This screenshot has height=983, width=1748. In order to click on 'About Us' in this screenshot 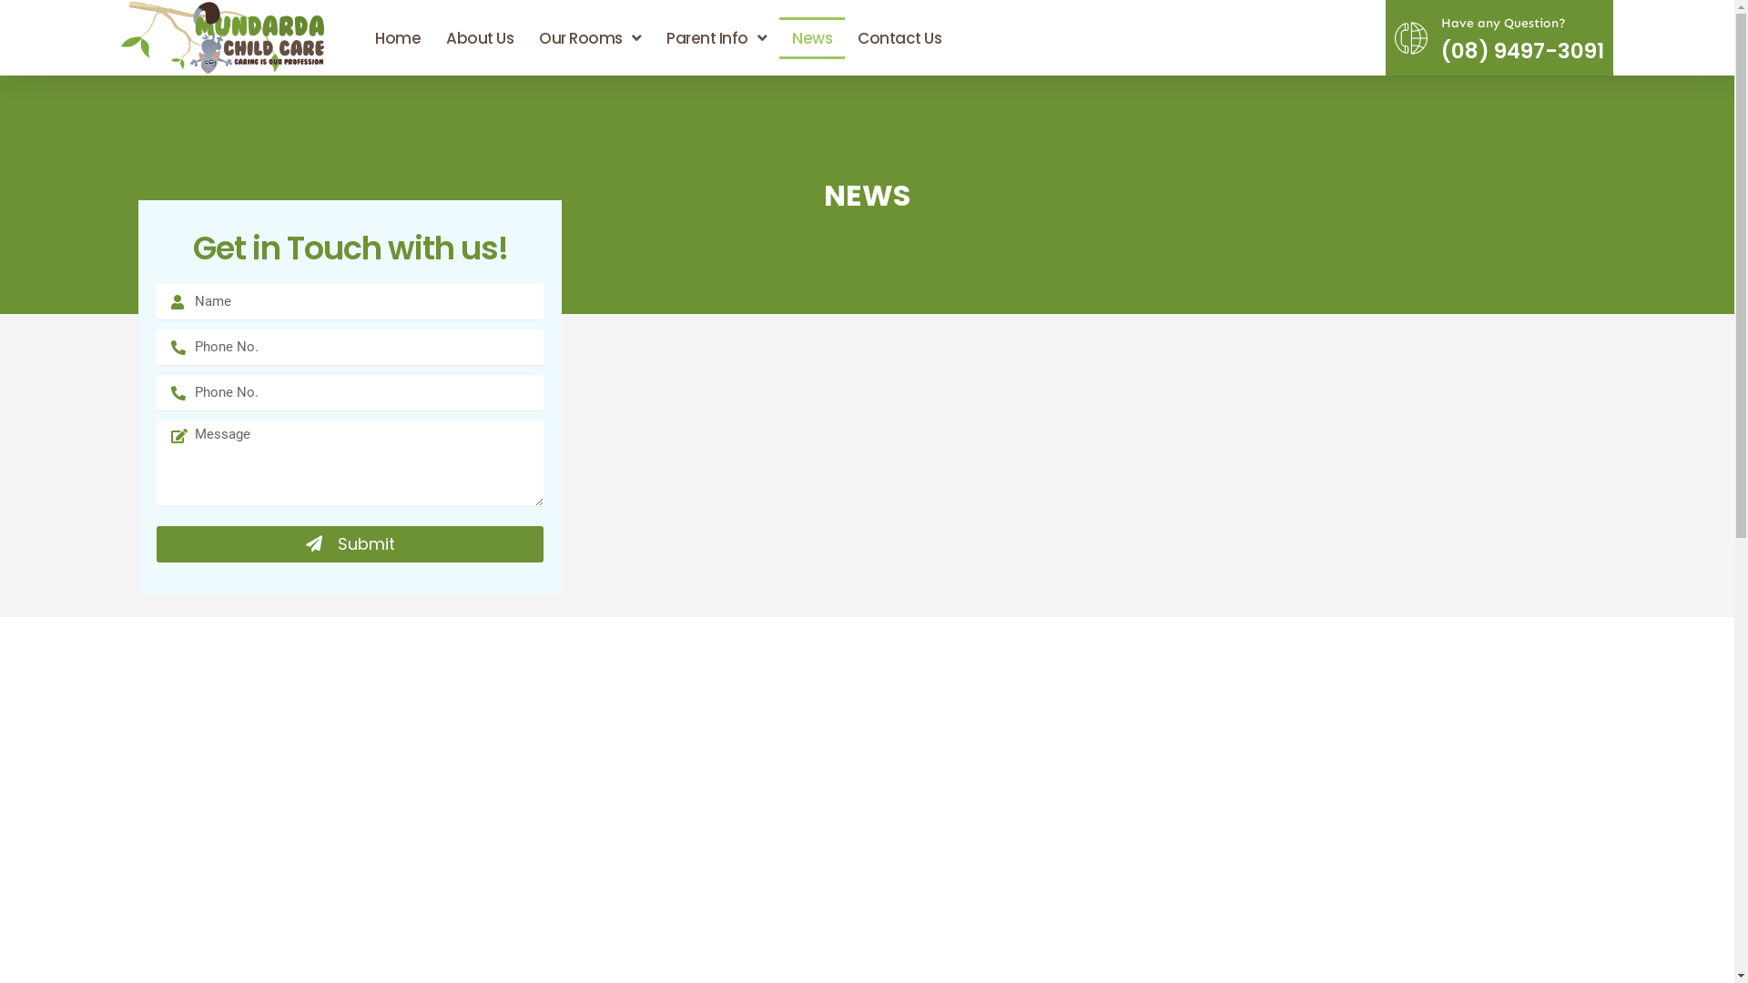, I will do `click(432, 38)`.